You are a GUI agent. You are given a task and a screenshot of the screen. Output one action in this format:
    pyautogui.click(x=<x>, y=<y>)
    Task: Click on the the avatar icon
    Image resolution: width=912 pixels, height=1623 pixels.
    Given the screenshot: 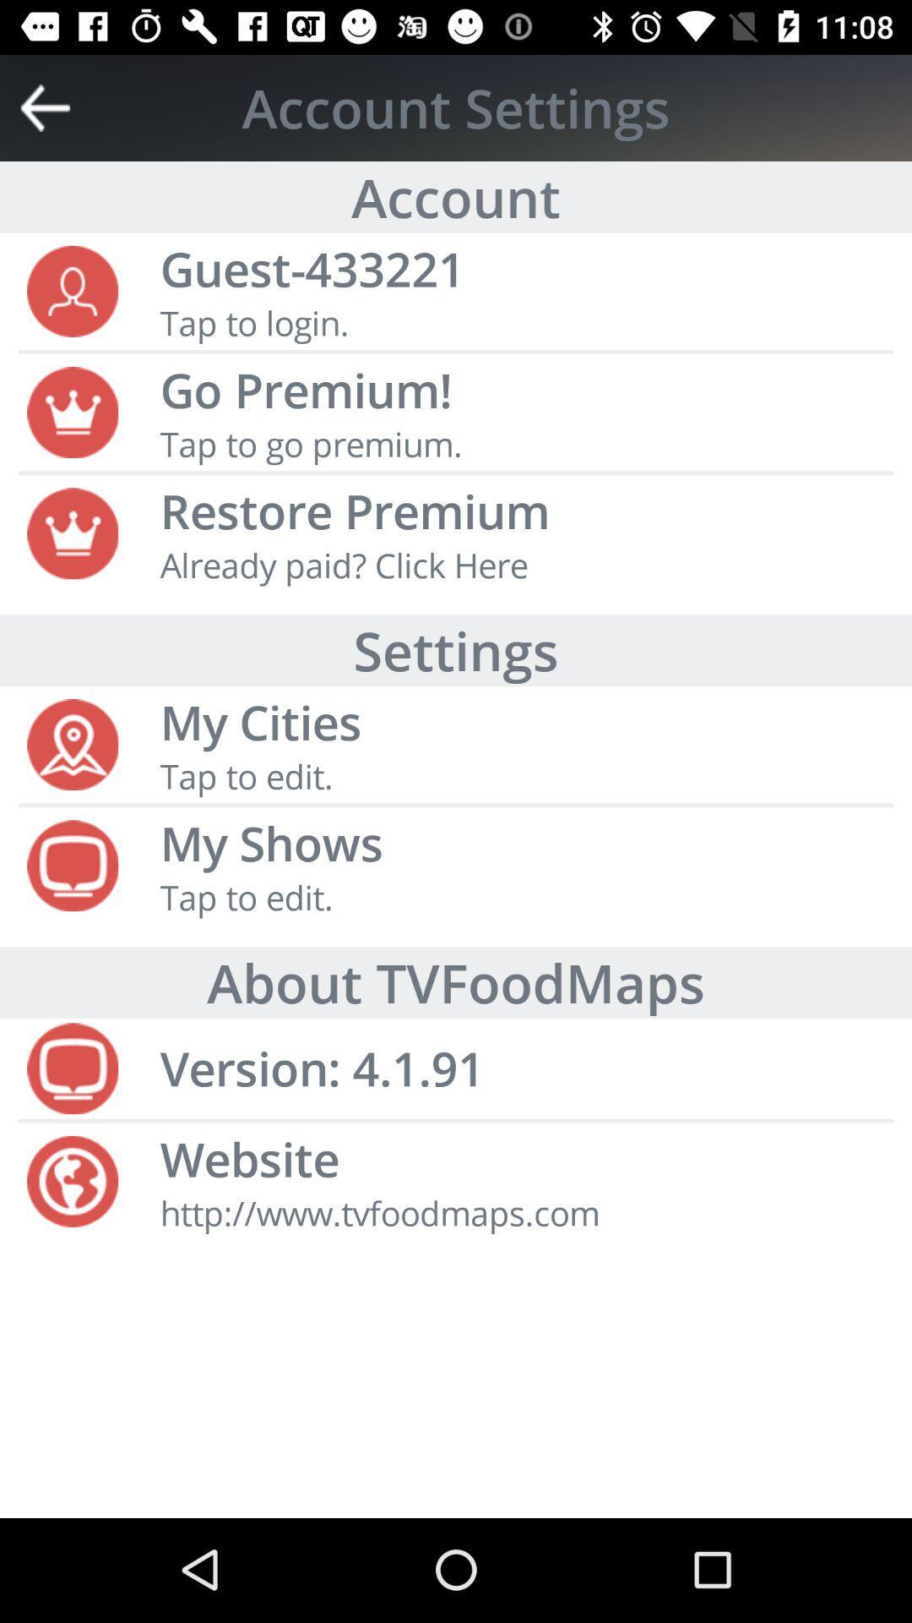 What is the action you would take?
    pyautogui.click(x=72, y=289)
    